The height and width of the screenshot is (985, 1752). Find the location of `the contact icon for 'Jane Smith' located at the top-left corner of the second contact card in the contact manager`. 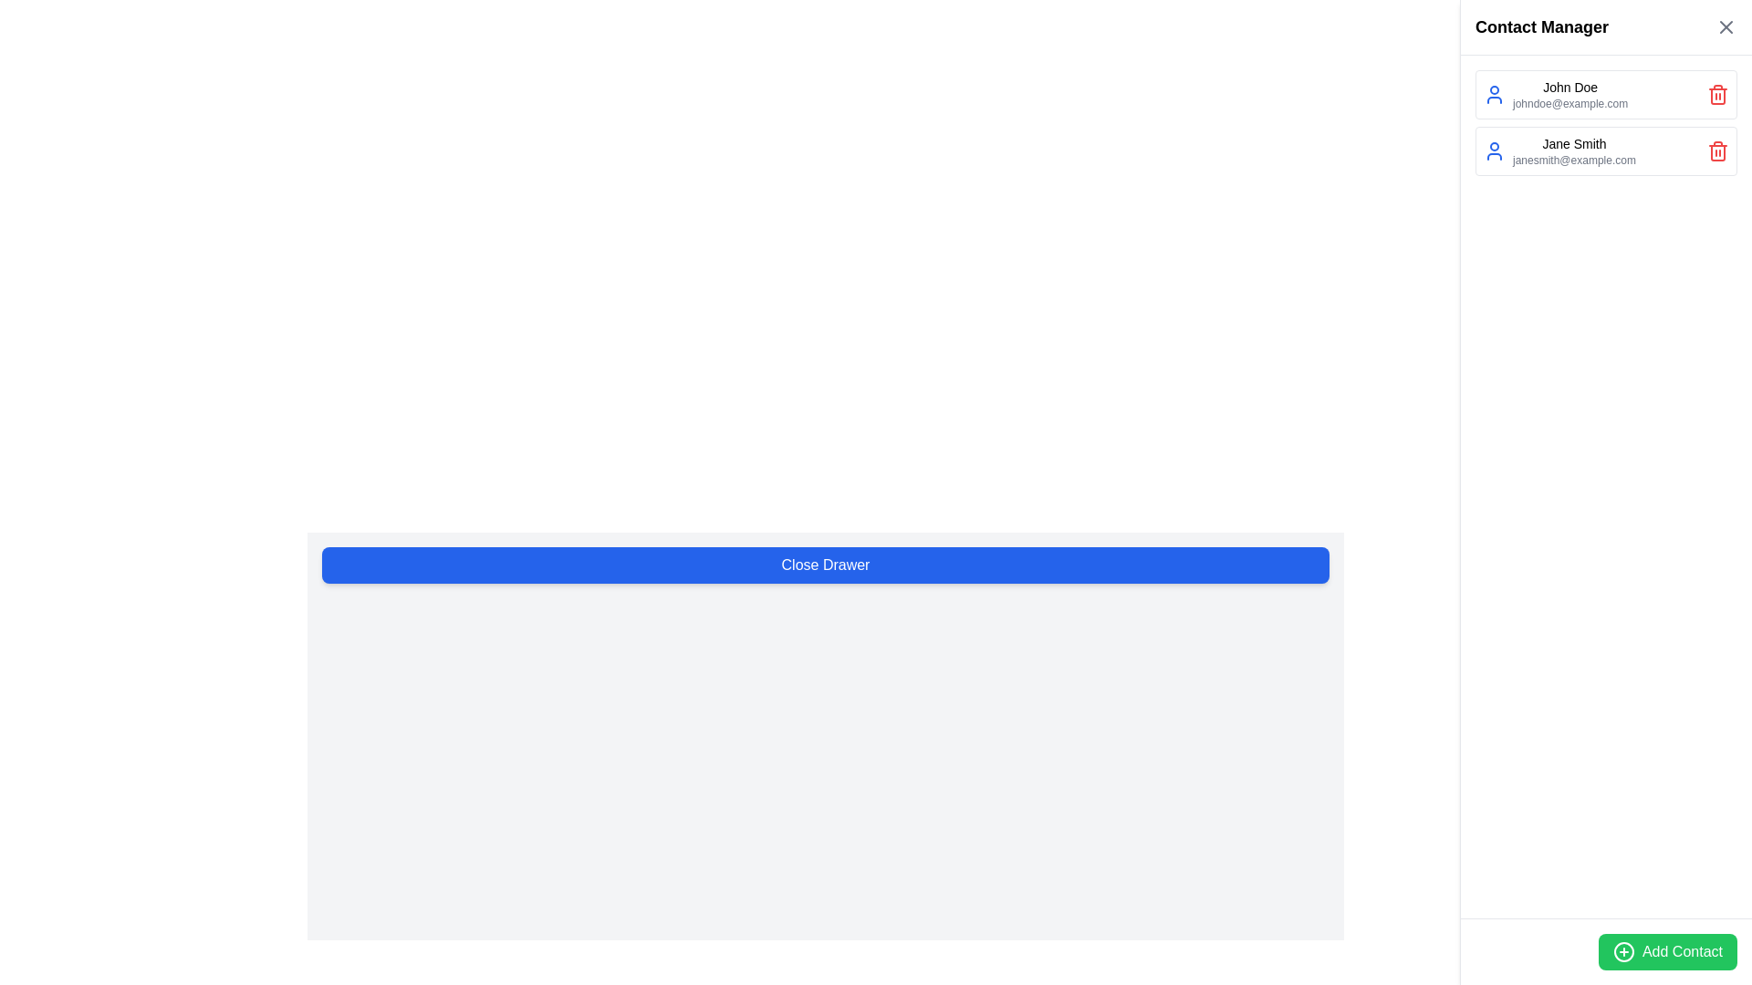

the contact icon for 'Jane Smith' located at the top-left corner of the second contact card in the contact manager is located at coordinates (1494, 150).